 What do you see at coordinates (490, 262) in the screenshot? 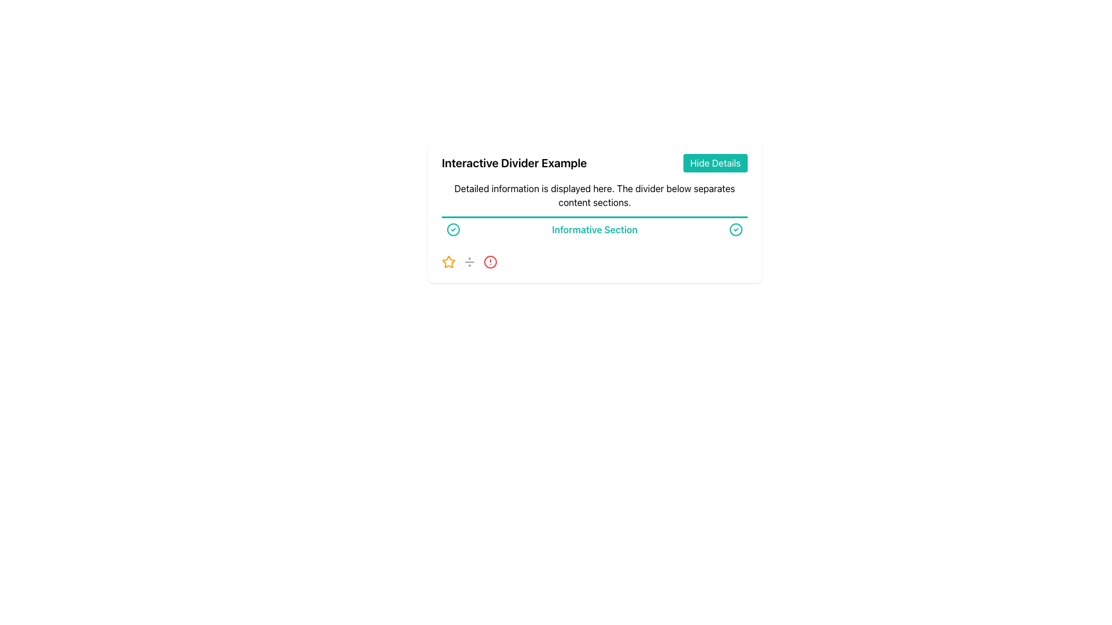
I see `the red circular SVG element representing an alert or warning symbol, which is the third icon in the horizontal row below the 'Informative Section' label` at bounding box center [490, 262].